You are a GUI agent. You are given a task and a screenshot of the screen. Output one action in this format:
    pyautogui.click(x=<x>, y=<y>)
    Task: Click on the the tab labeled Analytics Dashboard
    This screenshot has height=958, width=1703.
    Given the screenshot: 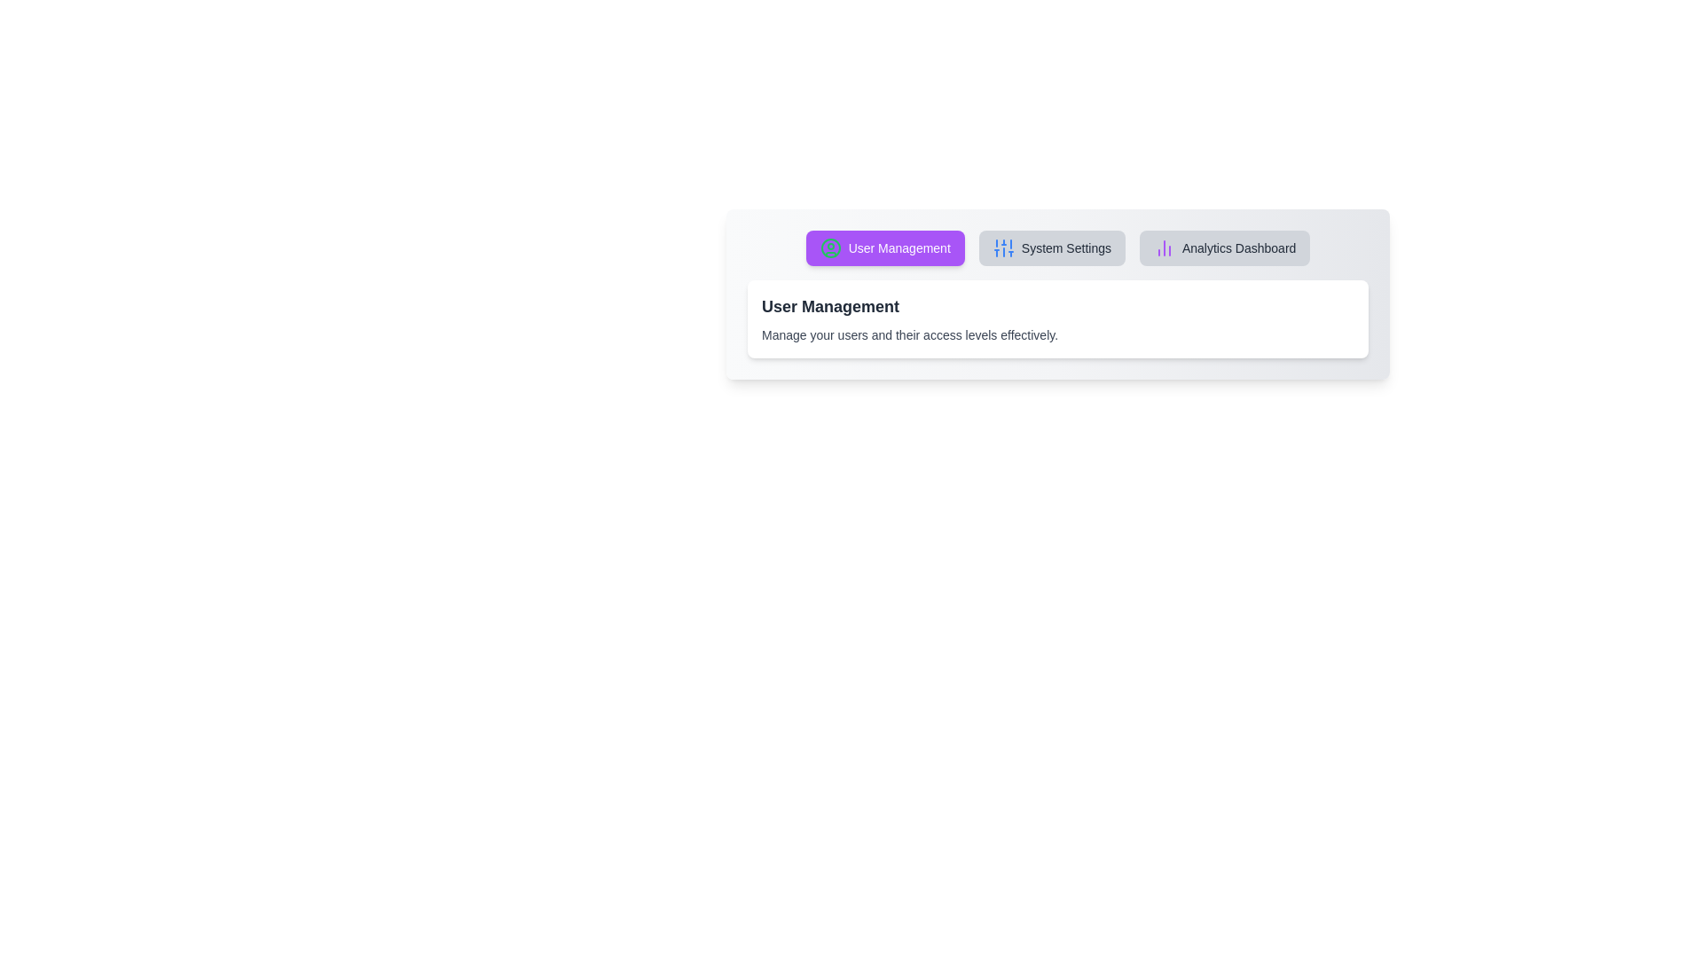 What is the action you would take?
    pyautogui.click(x=1224, y=248)
    